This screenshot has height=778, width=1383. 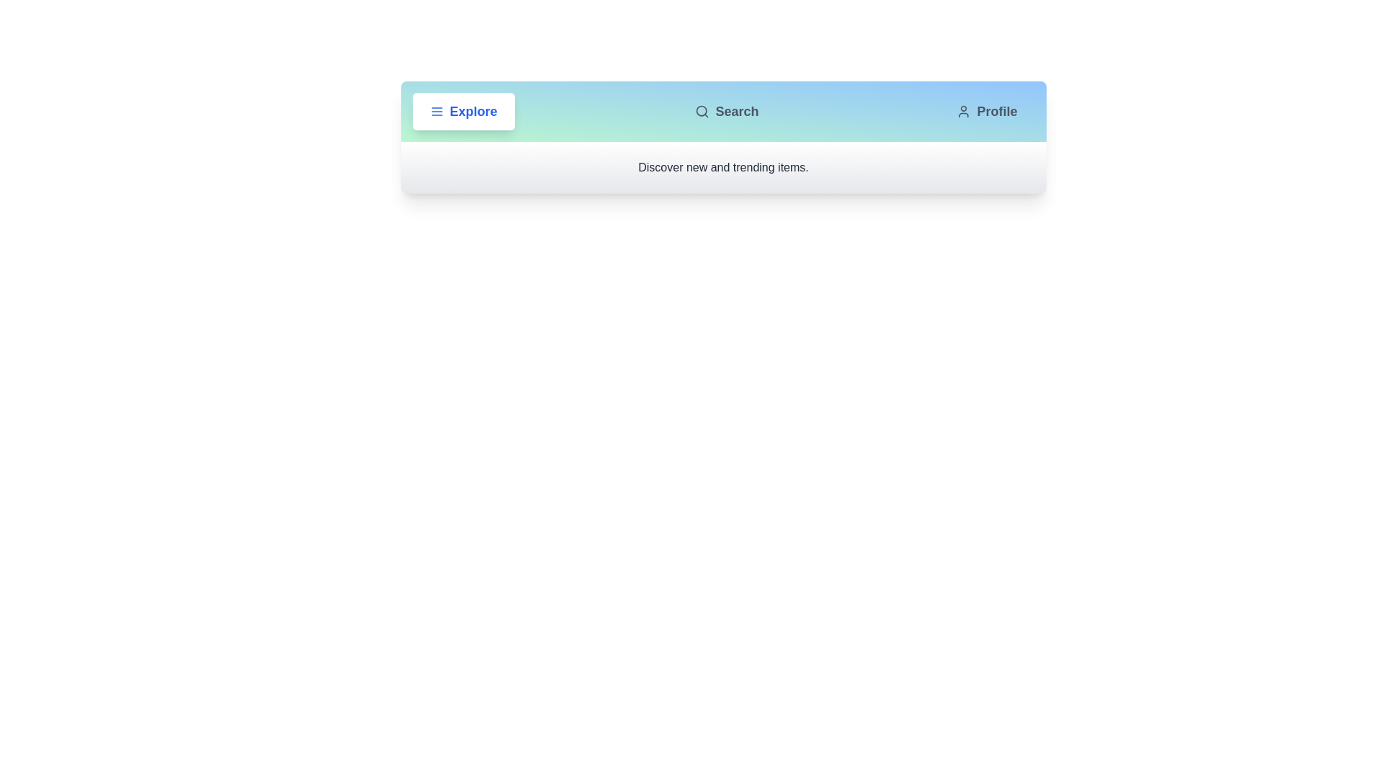 I want to click on the icon of the Explore tab, so click(x=436, y=110).